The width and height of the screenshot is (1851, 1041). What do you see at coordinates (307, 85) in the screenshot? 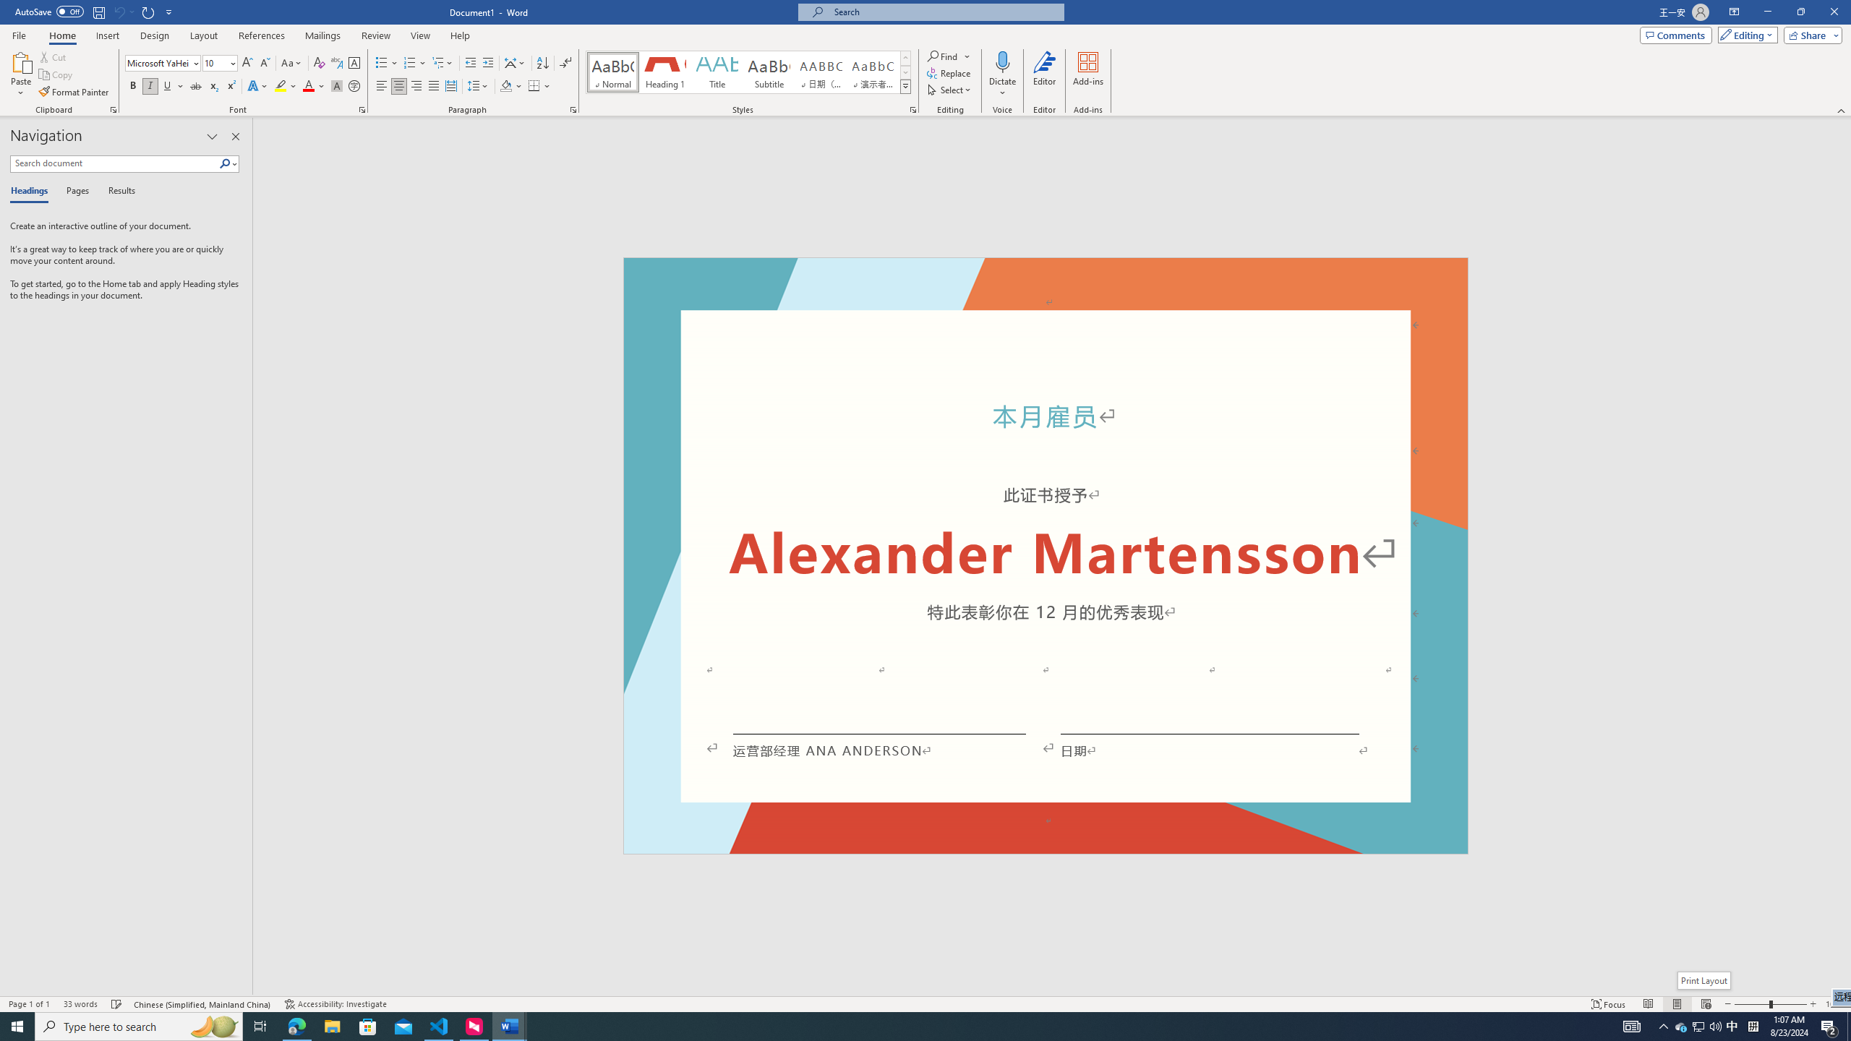
I see `'Font Color Red'` at bounding box center [307, 85].